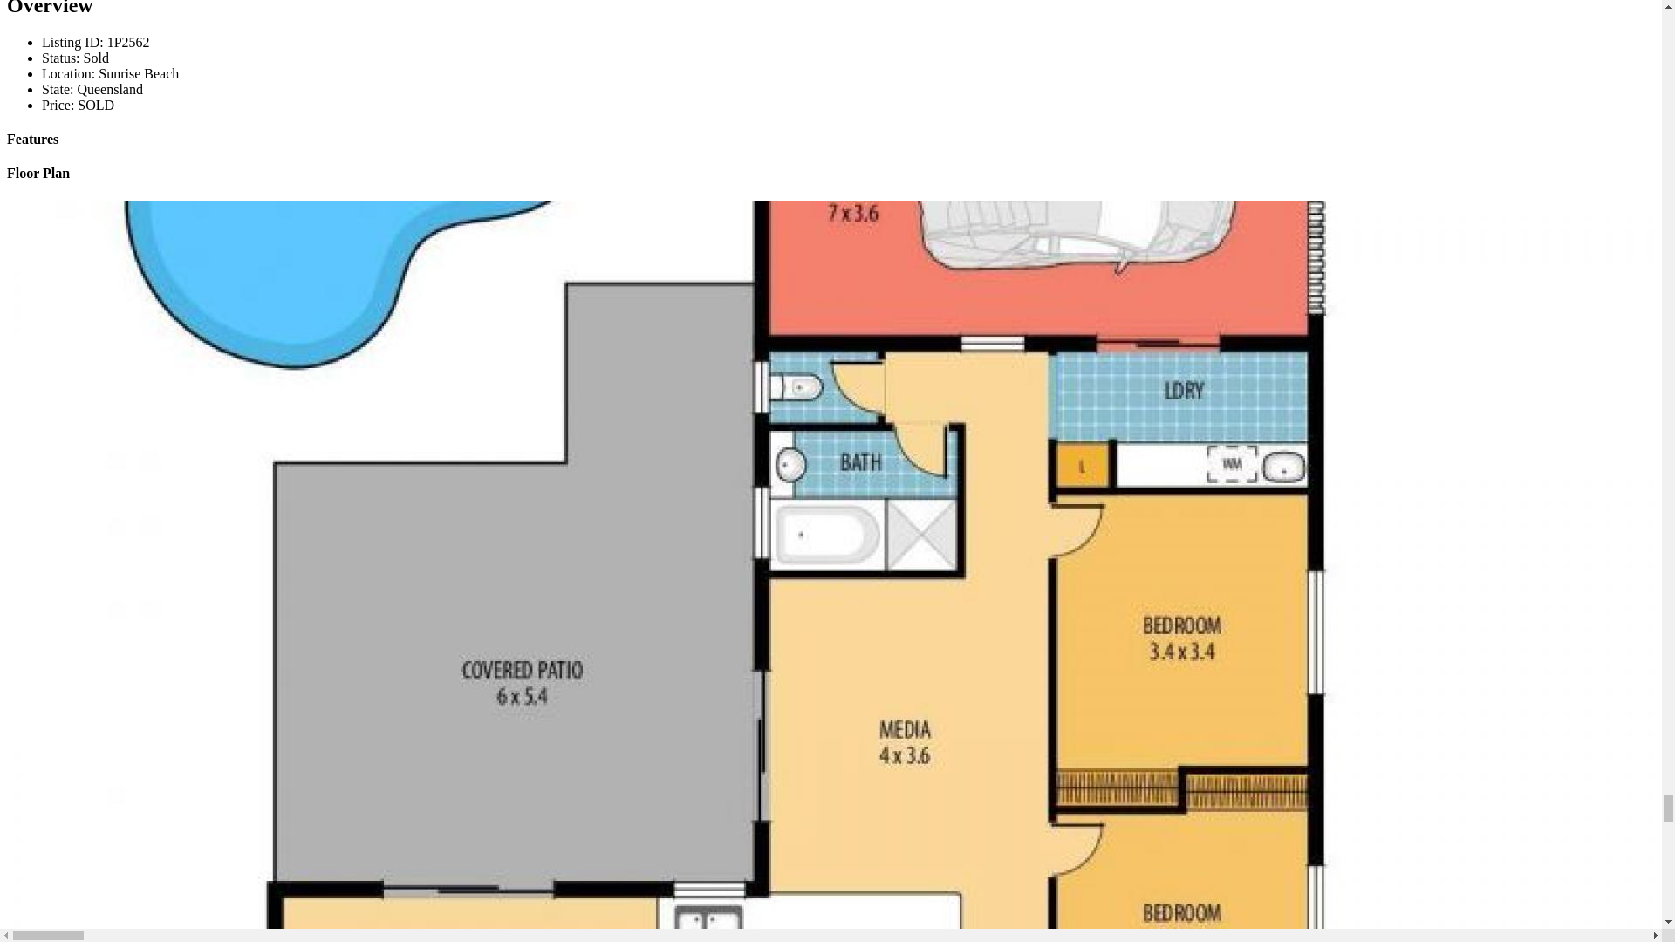 This screenshot has width=1675, height=942. What do you see at coordinates (42, 51) in the screenshot?
I see `'Lease'` at bounding box center [42, 51].